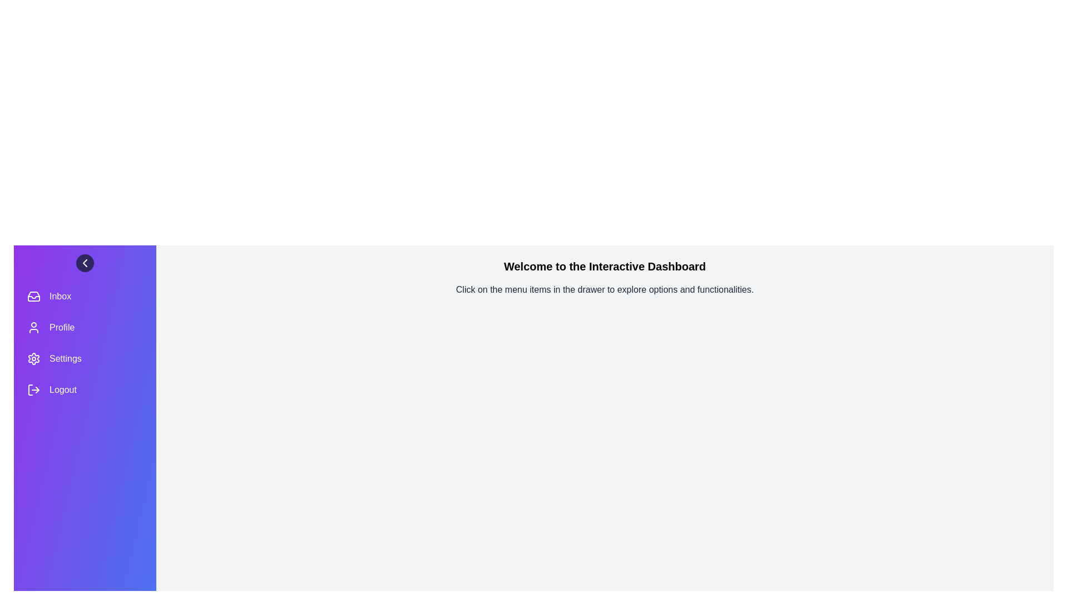 This screenshot has height=601, width=1068. Describe the element at coordinates (85, 295) in the screenshot. I see `the menu item labeled Inbox to trigger its associated action` at that location.